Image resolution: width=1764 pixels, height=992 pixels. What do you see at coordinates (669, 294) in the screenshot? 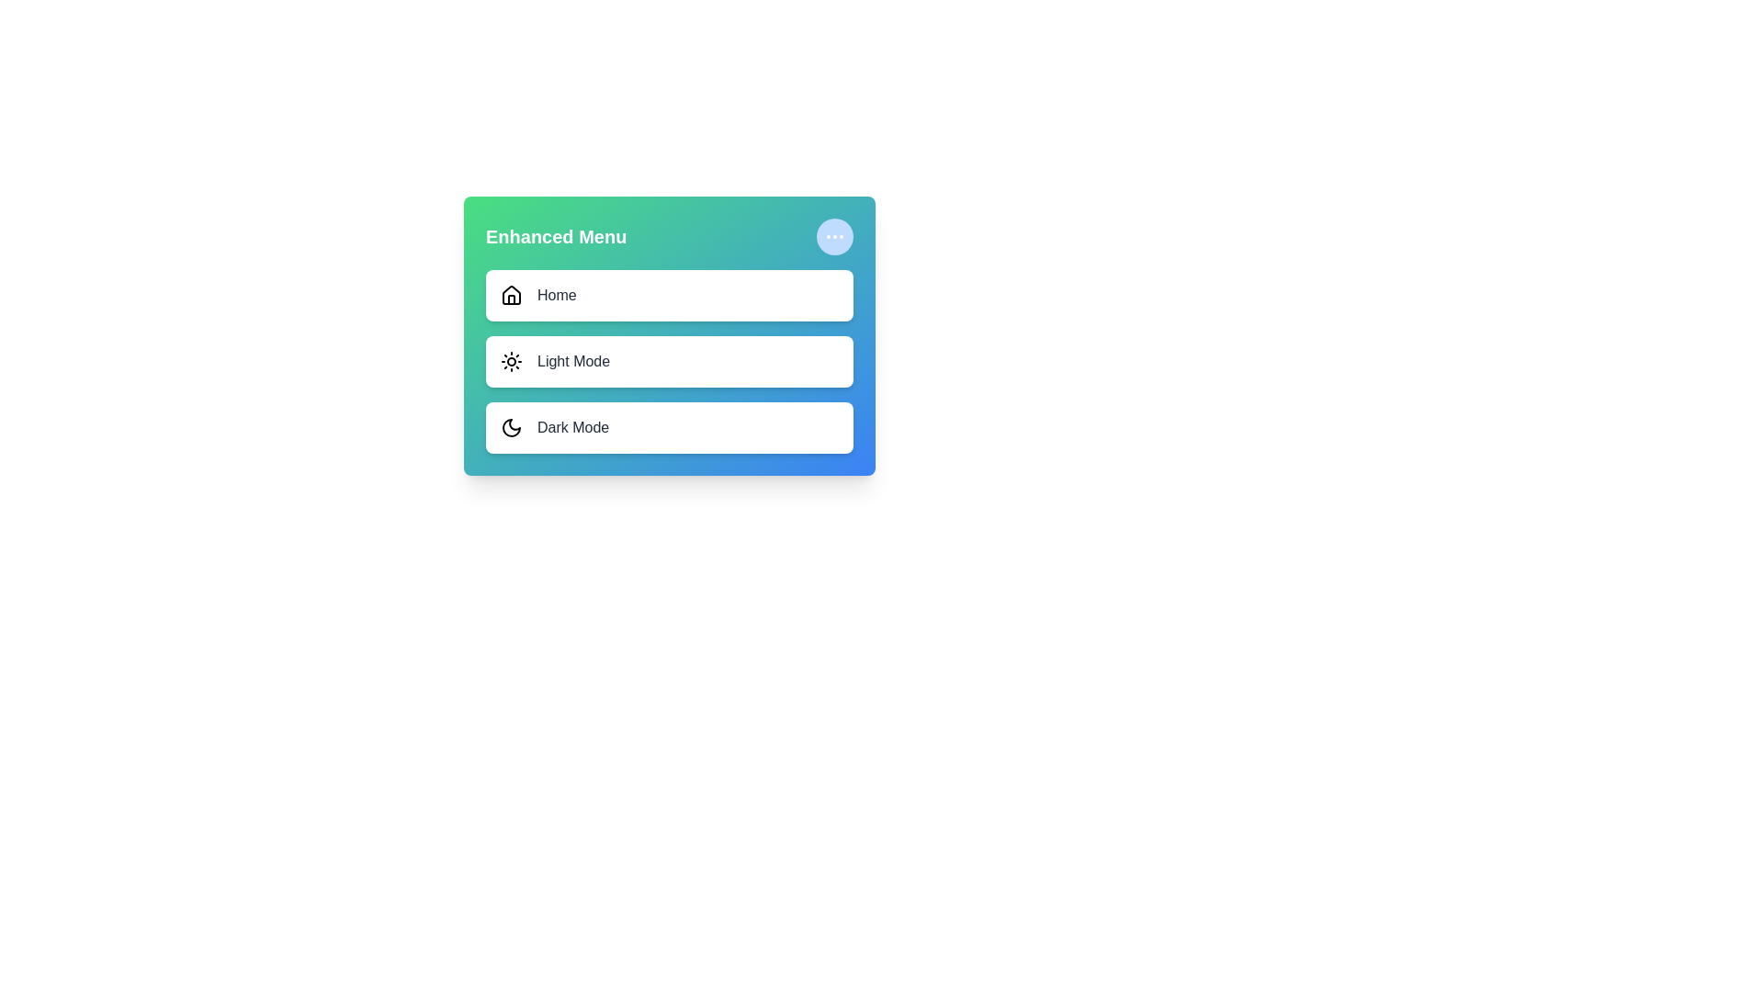
I see `the menu item labeled 'Home' to select it` at bounding box center [669, 294].